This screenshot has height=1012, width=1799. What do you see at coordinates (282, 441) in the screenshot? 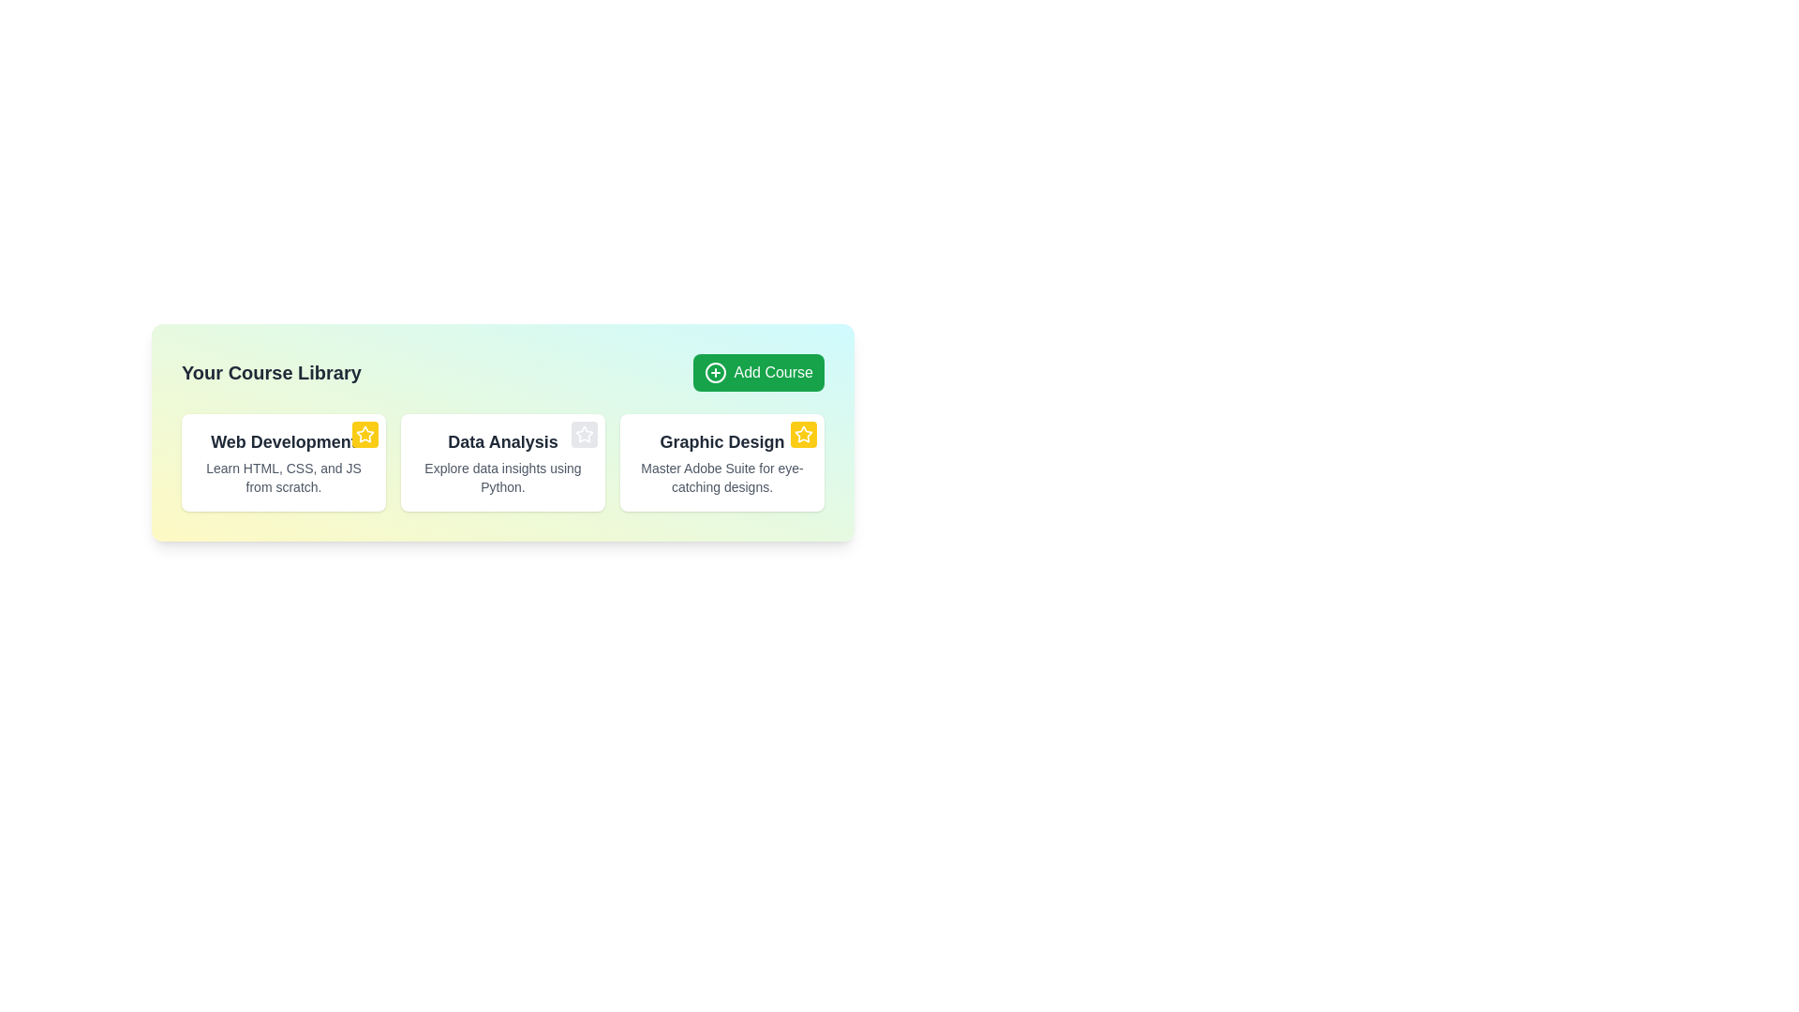
I see `the non-interactive title text label that provides the name of the course in the 'Your Course Library' section` at bounding box center [282, 441].